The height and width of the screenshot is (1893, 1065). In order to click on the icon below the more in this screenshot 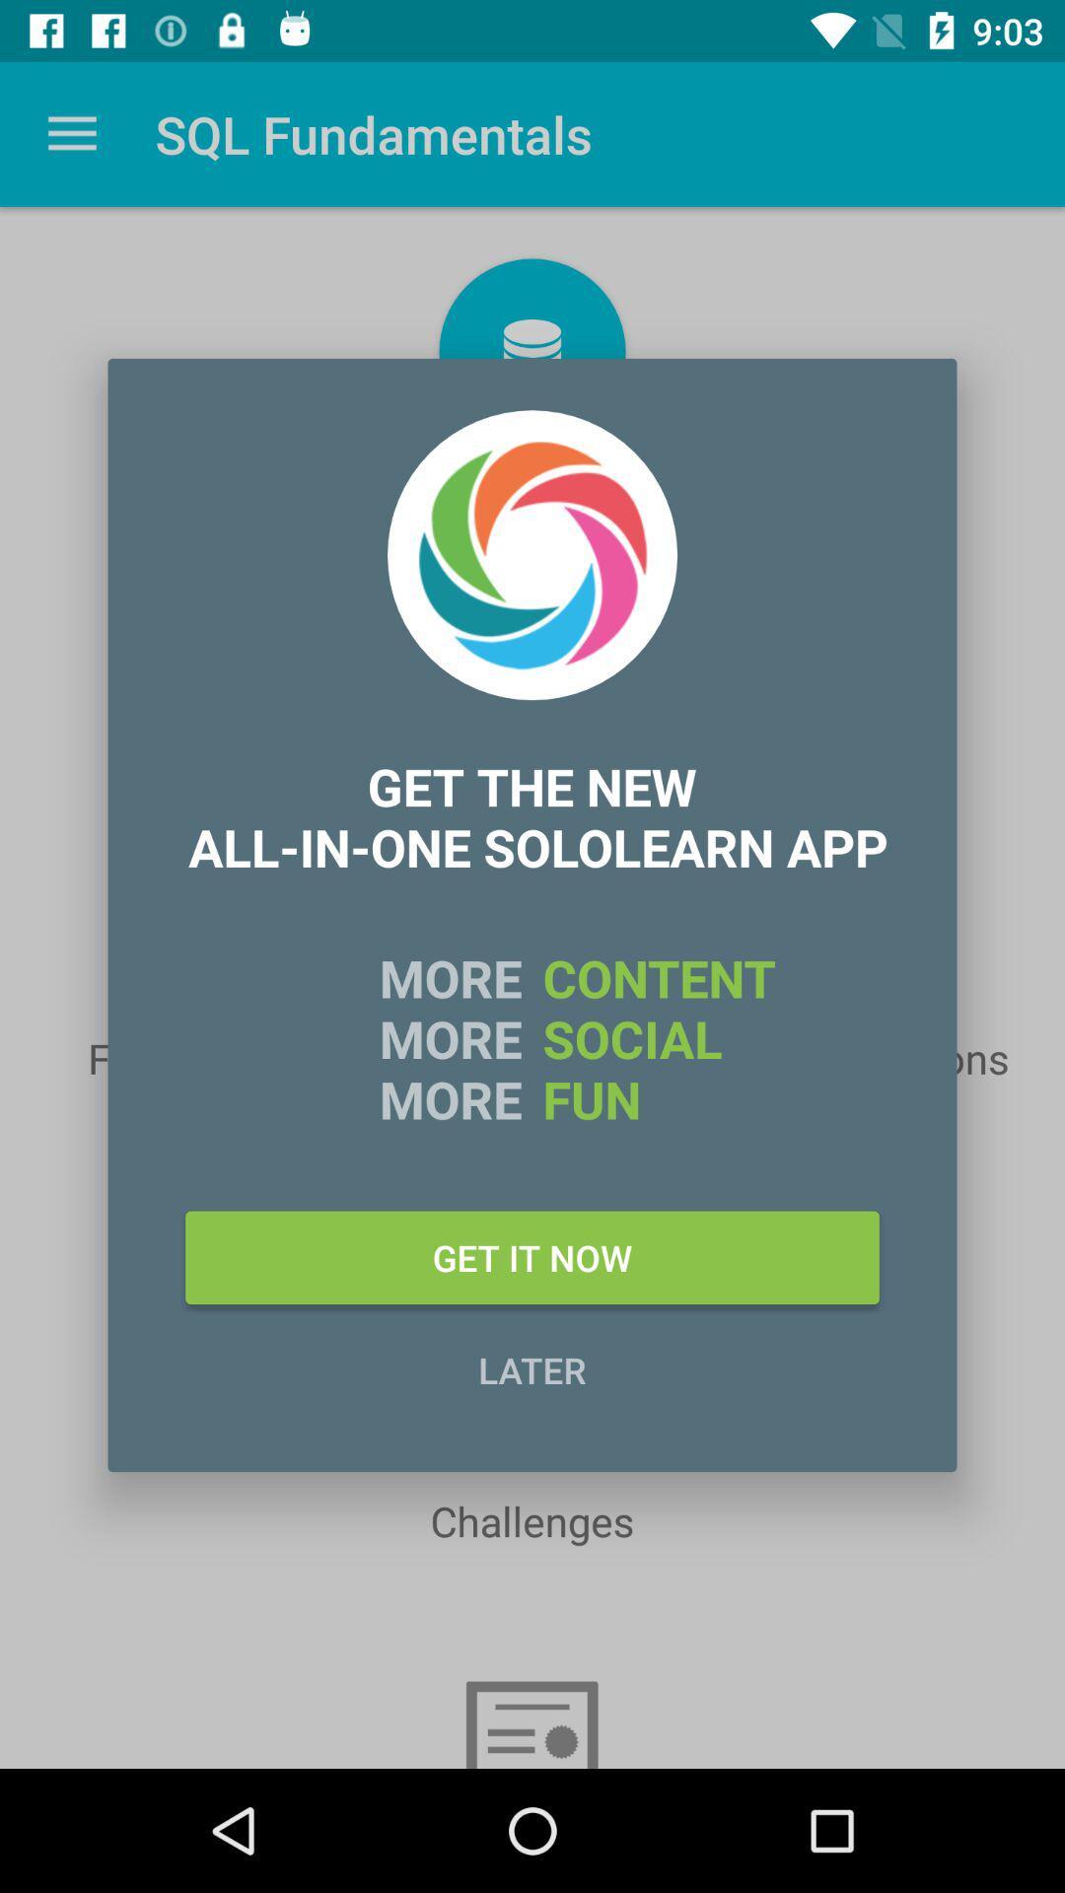, I will do `click(532, 1256)`.